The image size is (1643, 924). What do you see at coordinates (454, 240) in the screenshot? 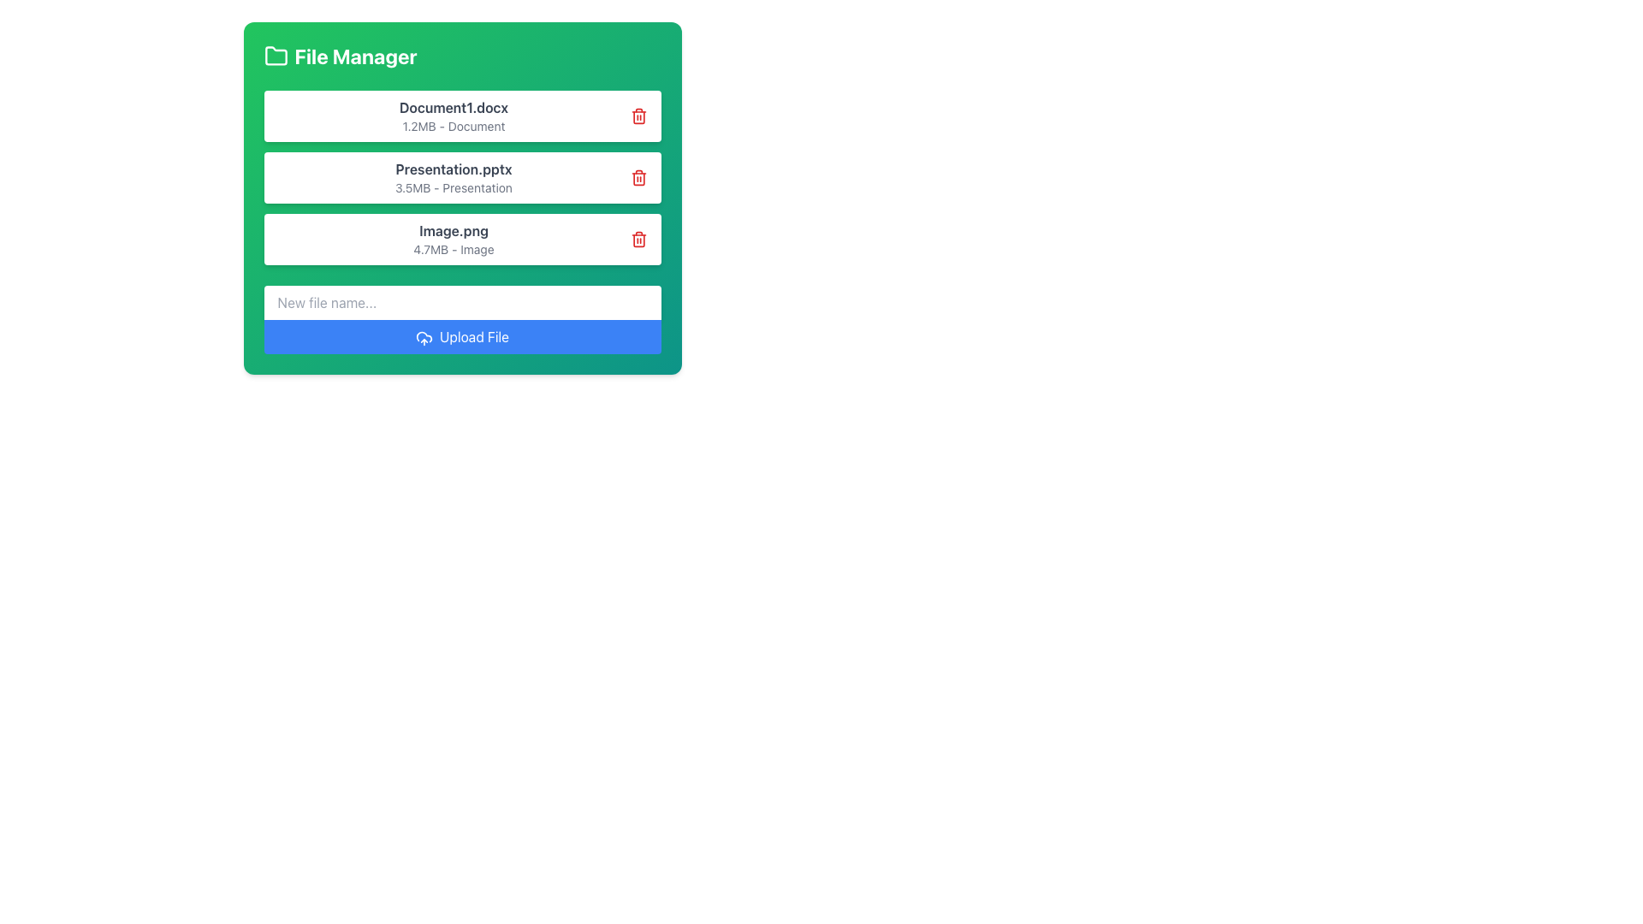
I see `the Text Label displaying 'Image.png' in bold and '4.7MB - Image' in lighter text, located in the middle of the window under the 'File Manager' heading` at bounding box center [454, 240].